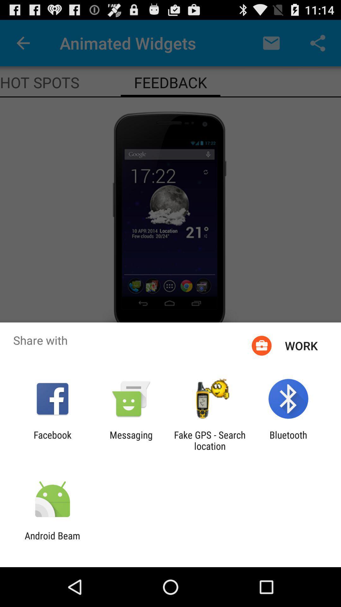 The image size is (341, 607). What do you see at coordinates (52, 541) in the screenshot?
I see `the android beam item` at bounding box center [52, 541].